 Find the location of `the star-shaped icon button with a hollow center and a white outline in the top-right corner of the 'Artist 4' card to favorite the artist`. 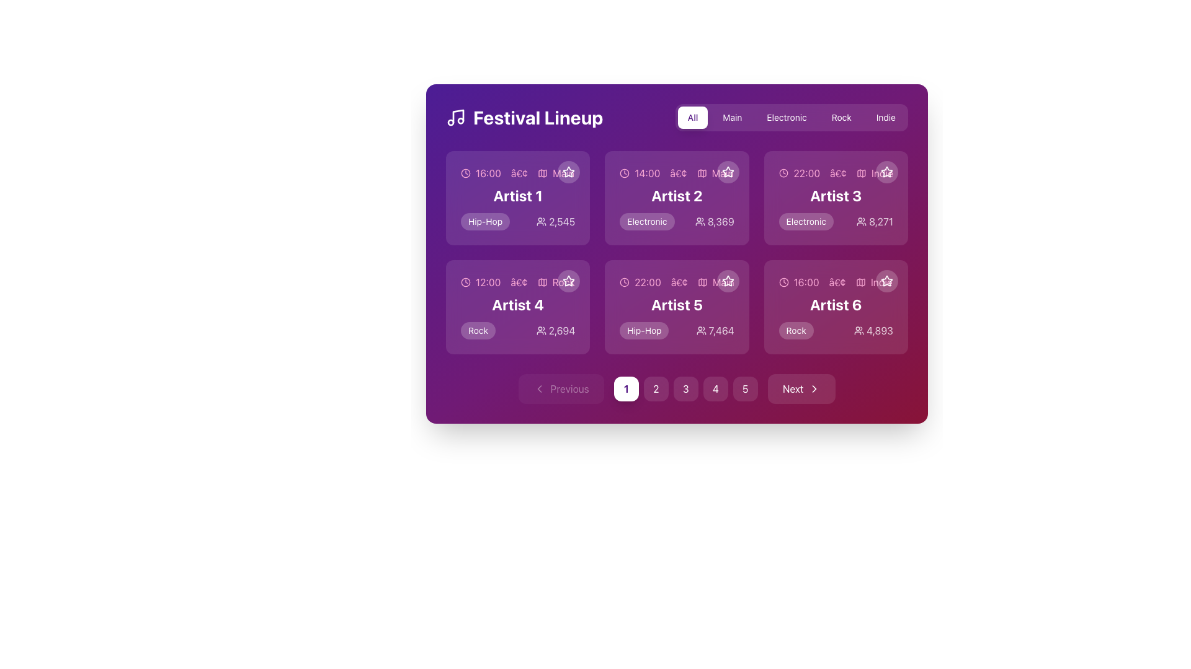

the star-shaped icon button with a hollow center and a white outline in the top-right corner of the 'Artist 4' card to favorite the artist is located at coordinates (568, 281).